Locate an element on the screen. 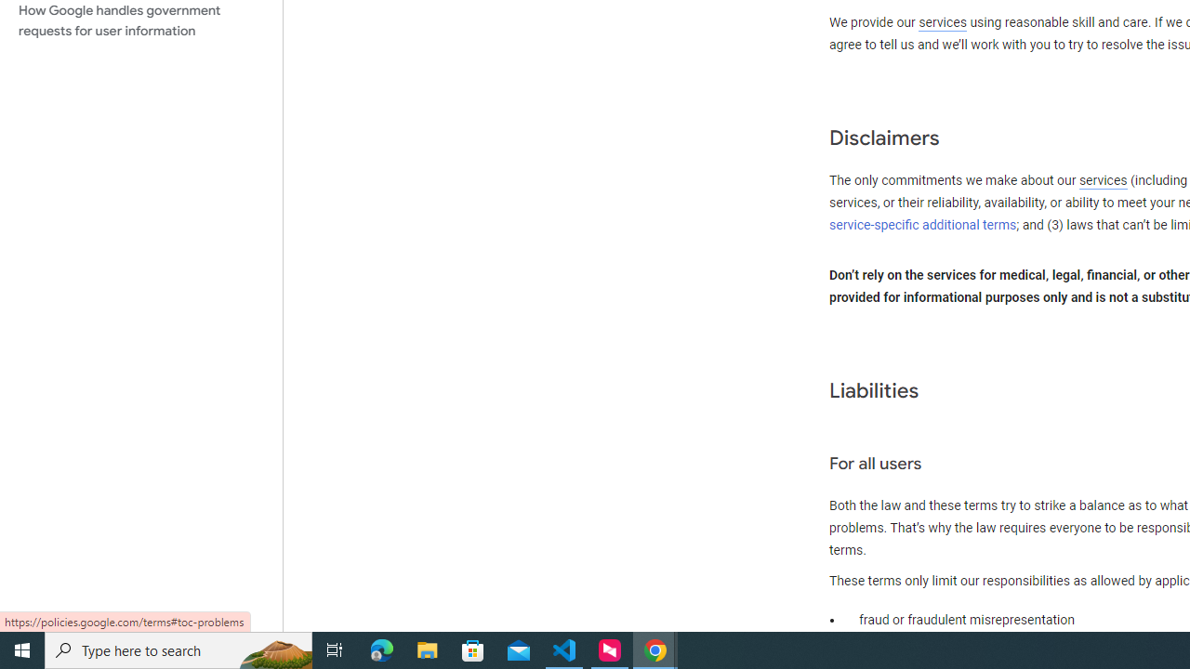 Image resolution: width=1190 pixels, height=669 pixels. 'service-specific additional terms' is located at coordinates (923, 224).